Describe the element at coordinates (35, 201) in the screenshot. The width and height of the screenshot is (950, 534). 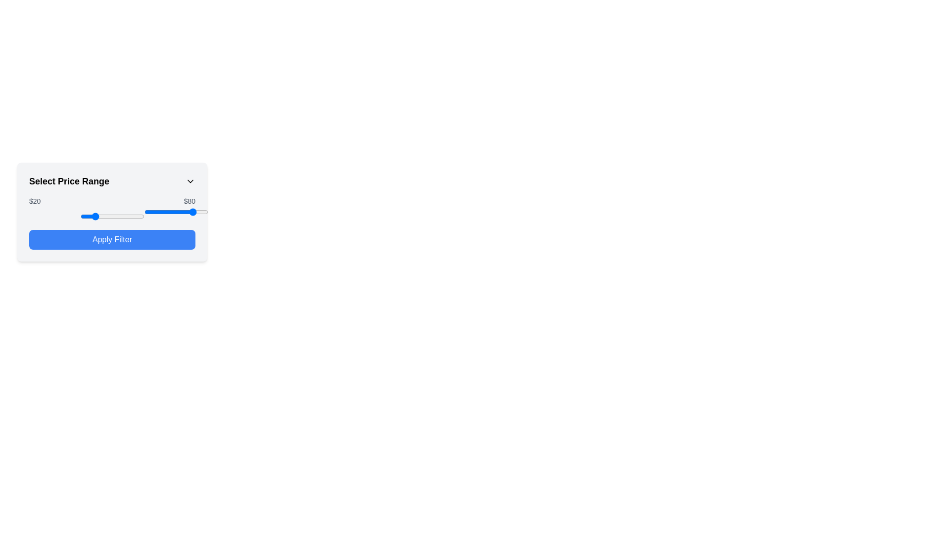
I see `the static text label displaying '$20', which is located on the left side of the price slider under the 'Select Price Range' section` at that location.